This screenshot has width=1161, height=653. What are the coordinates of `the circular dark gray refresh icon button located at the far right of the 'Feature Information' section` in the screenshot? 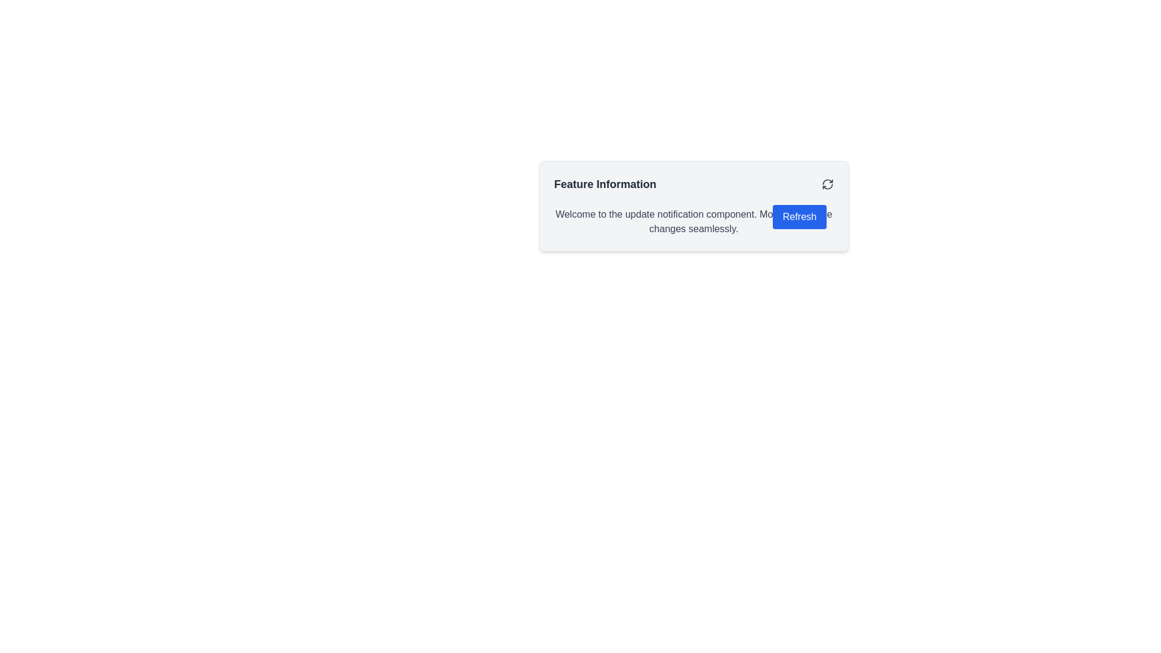 It's located at (827, 184).